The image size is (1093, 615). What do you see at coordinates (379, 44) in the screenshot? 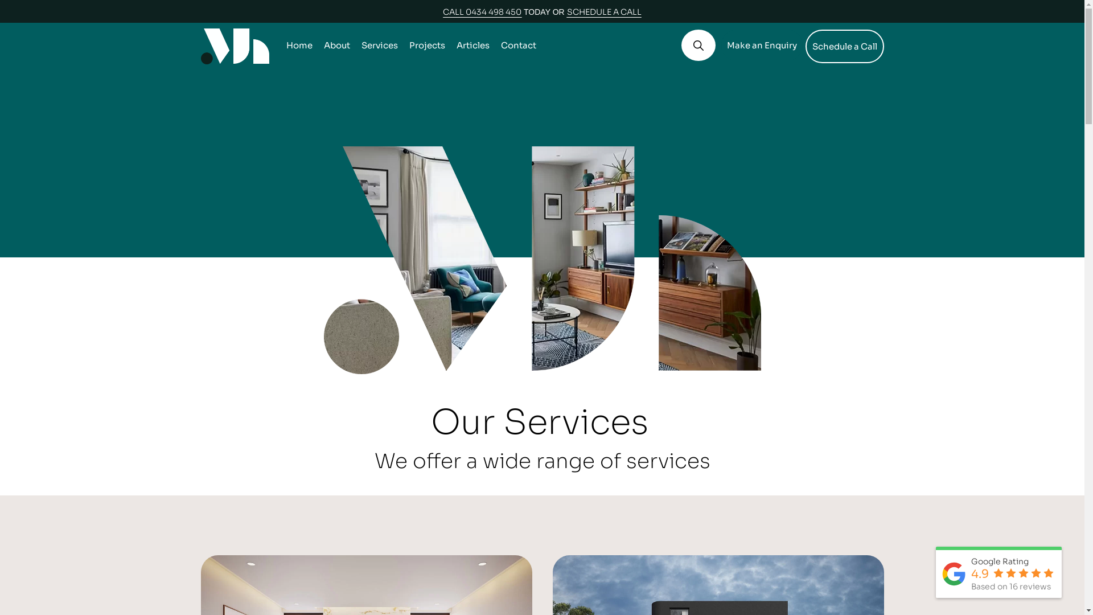
I see `'Services'` at bounding box center [379, 44].